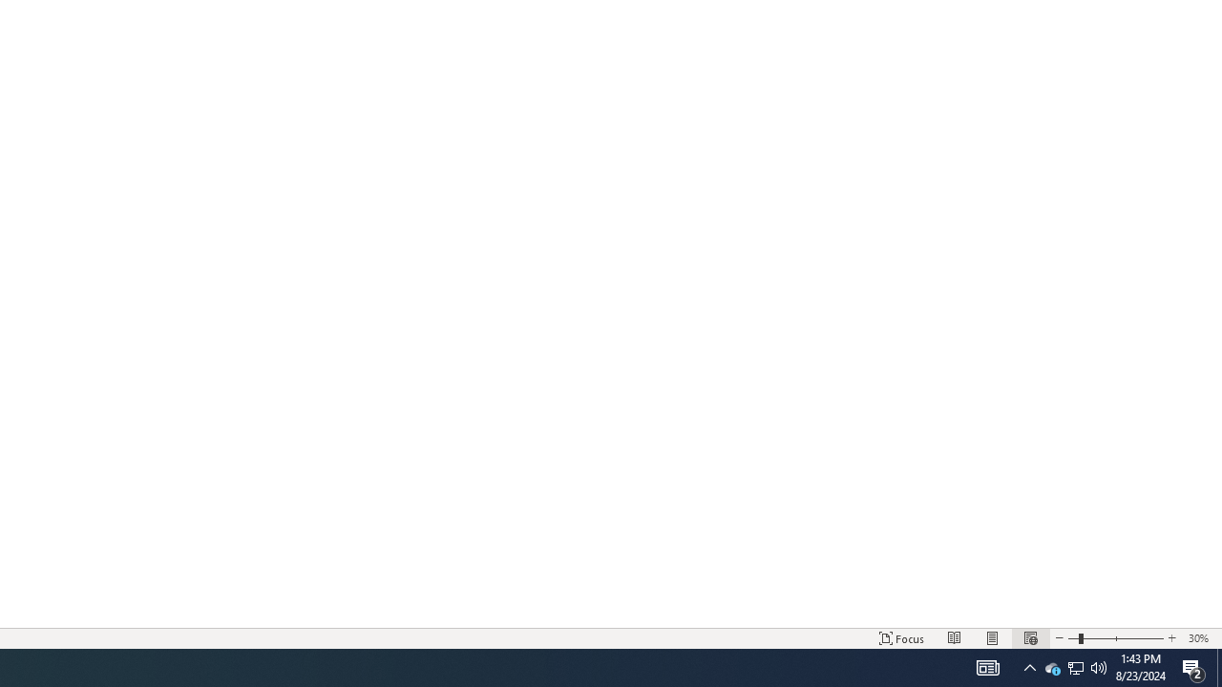  I want to click on 'Focus ', so click(900, 638).